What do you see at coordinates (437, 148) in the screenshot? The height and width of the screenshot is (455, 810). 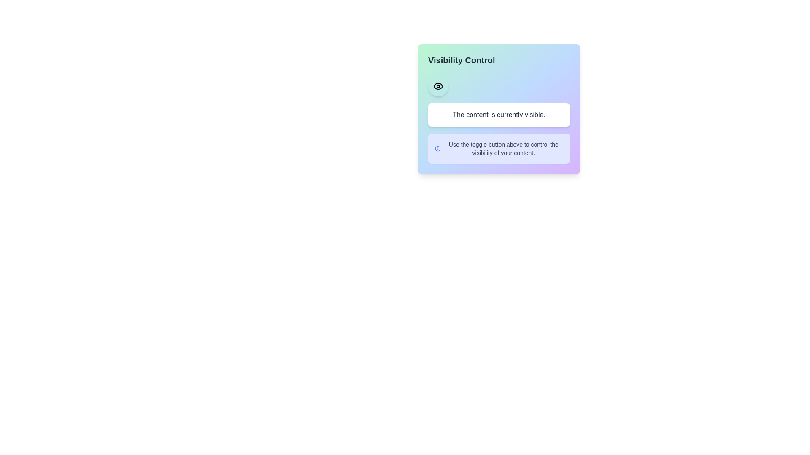 I see `the informational icon to display additional information` at bounding box center [437, 148].